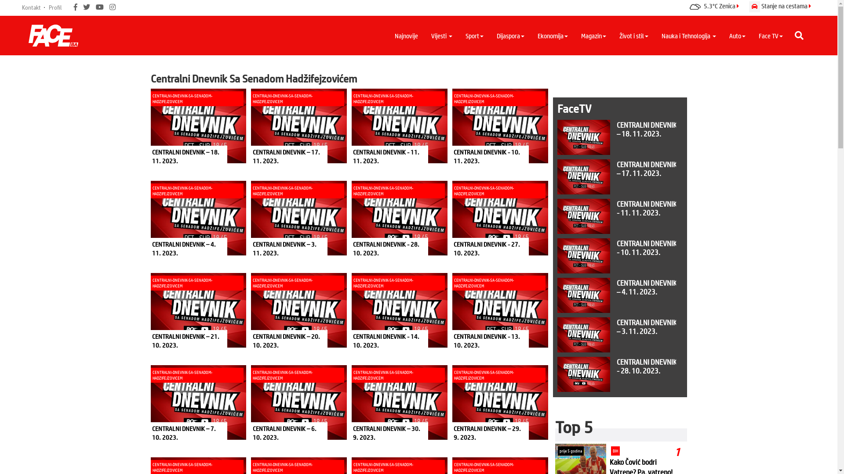  Describe the element at coordinates (722, 35) in the screenshot. I see `'Auto'` at that location.